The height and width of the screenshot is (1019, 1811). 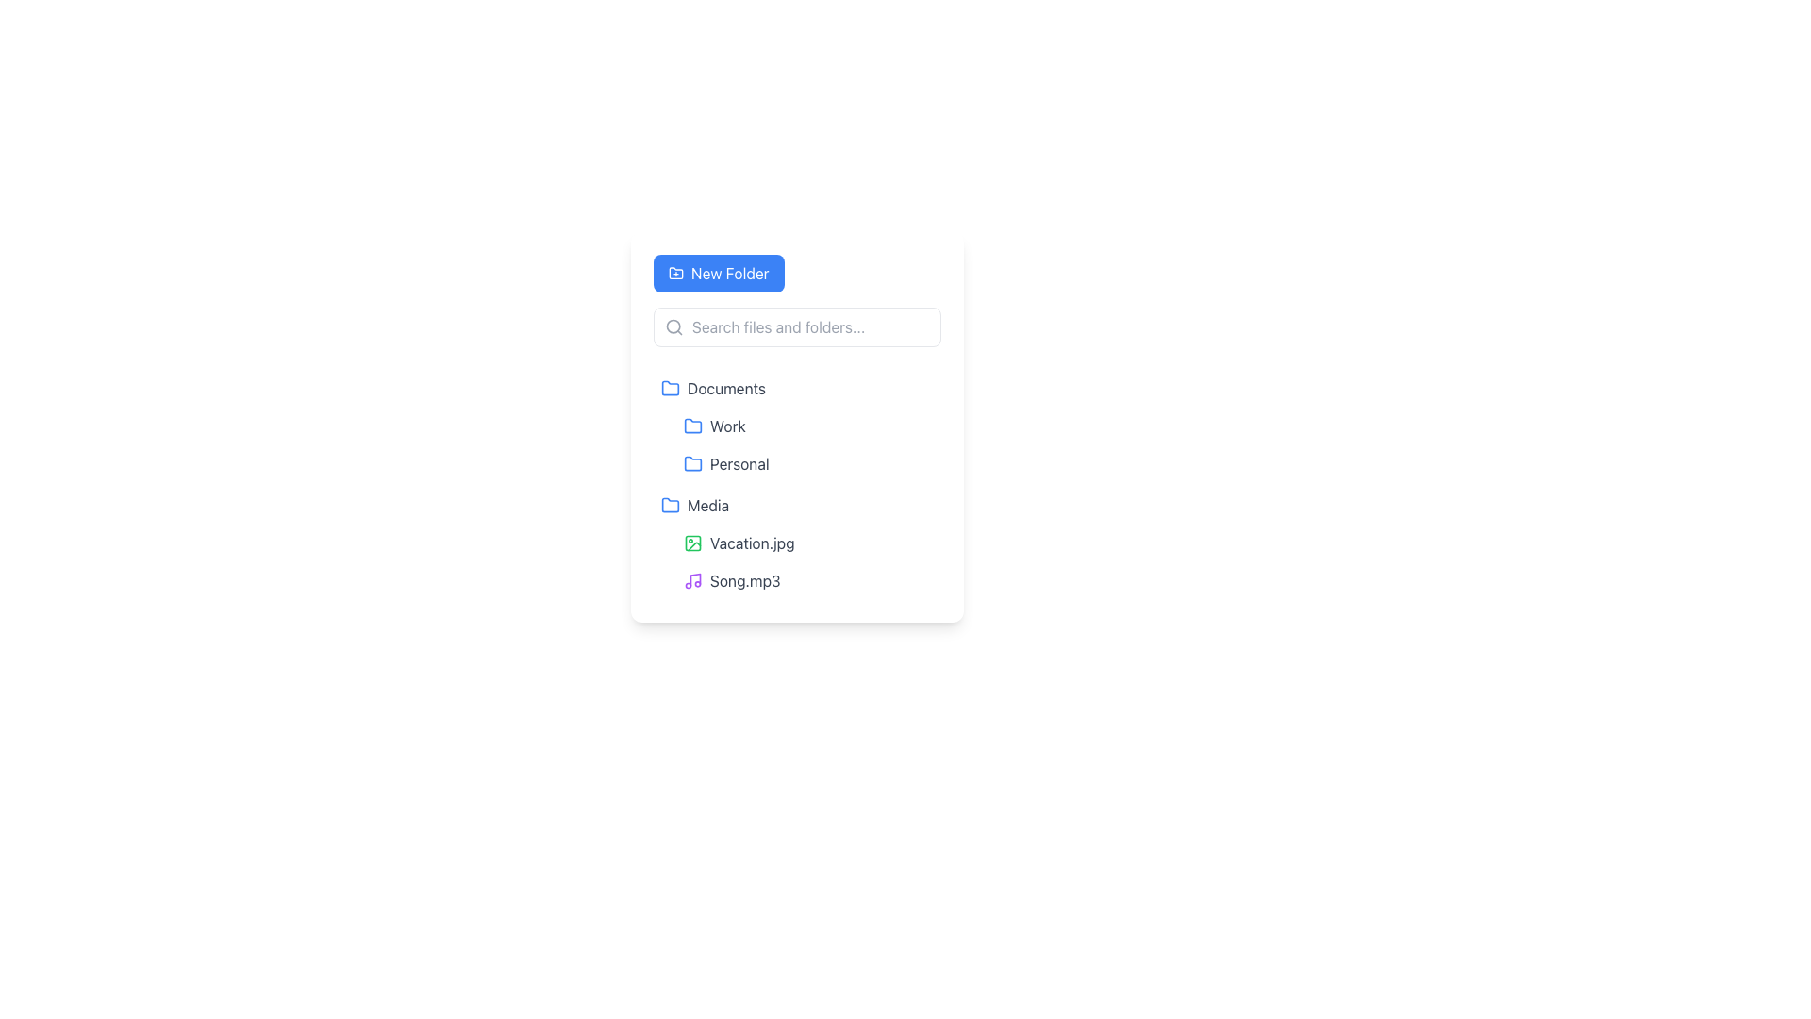 What do you see at coordinates (744, 580) in the screenshot?
I see `the static text label displaying 'Song.mp3' in the file browser interface, which is styled in gray and is the fourth item under the 'Media' folder` at bounding box center [744, 580].